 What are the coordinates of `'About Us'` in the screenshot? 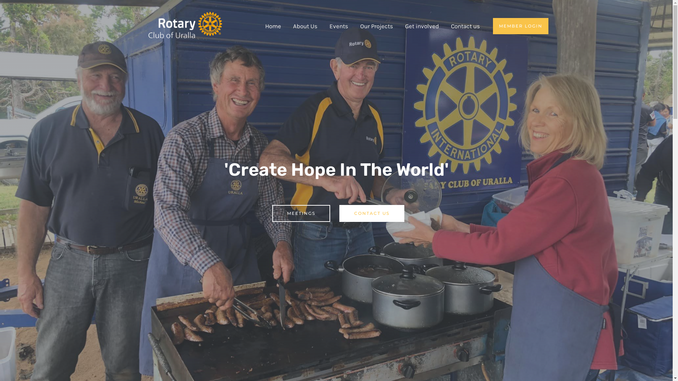 It's located at (305, 25).